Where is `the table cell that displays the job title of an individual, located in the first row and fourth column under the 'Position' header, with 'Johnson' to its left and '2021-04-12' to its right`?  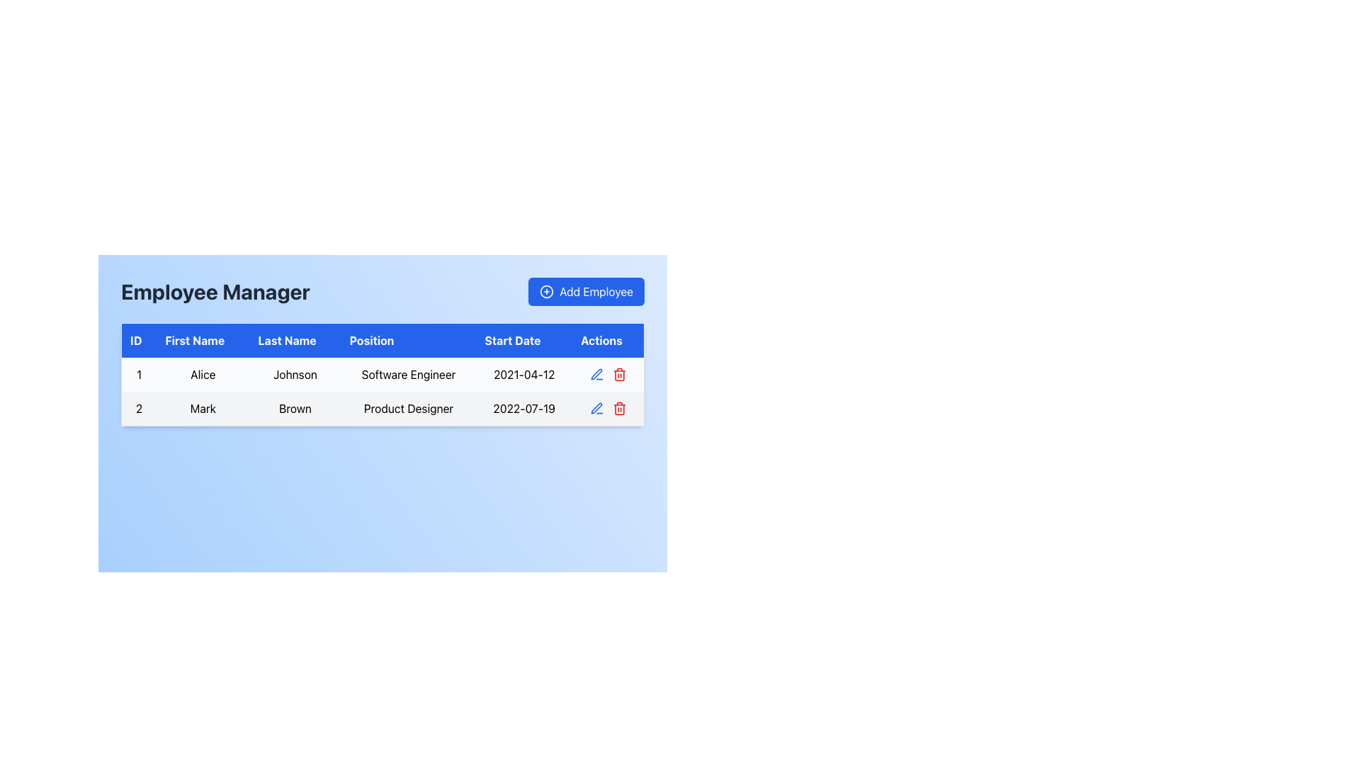 the table cell that displays the job title of an individual, located in the first row and fourth column under the 'Position' header, with 'Johnson' to its left and '2021-04-12' to its right is located at coordinates (408, 373).